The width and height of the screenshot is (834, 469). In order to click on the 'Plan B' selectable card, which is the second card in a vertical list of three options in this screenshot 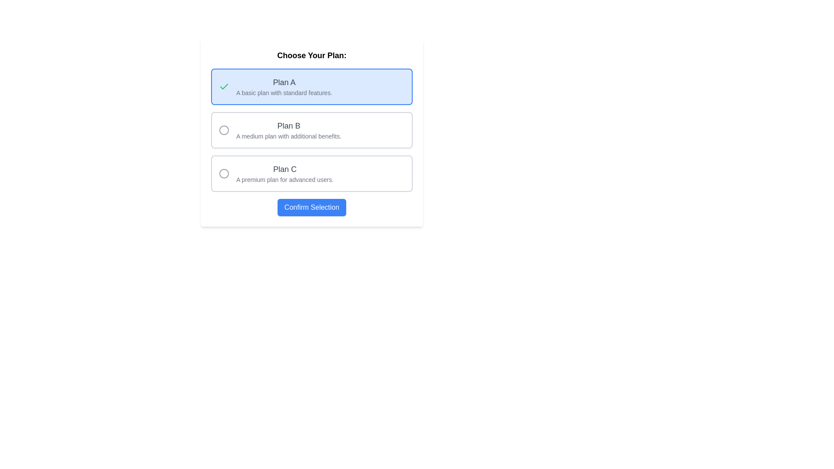, I will do `click(312, 130)`.